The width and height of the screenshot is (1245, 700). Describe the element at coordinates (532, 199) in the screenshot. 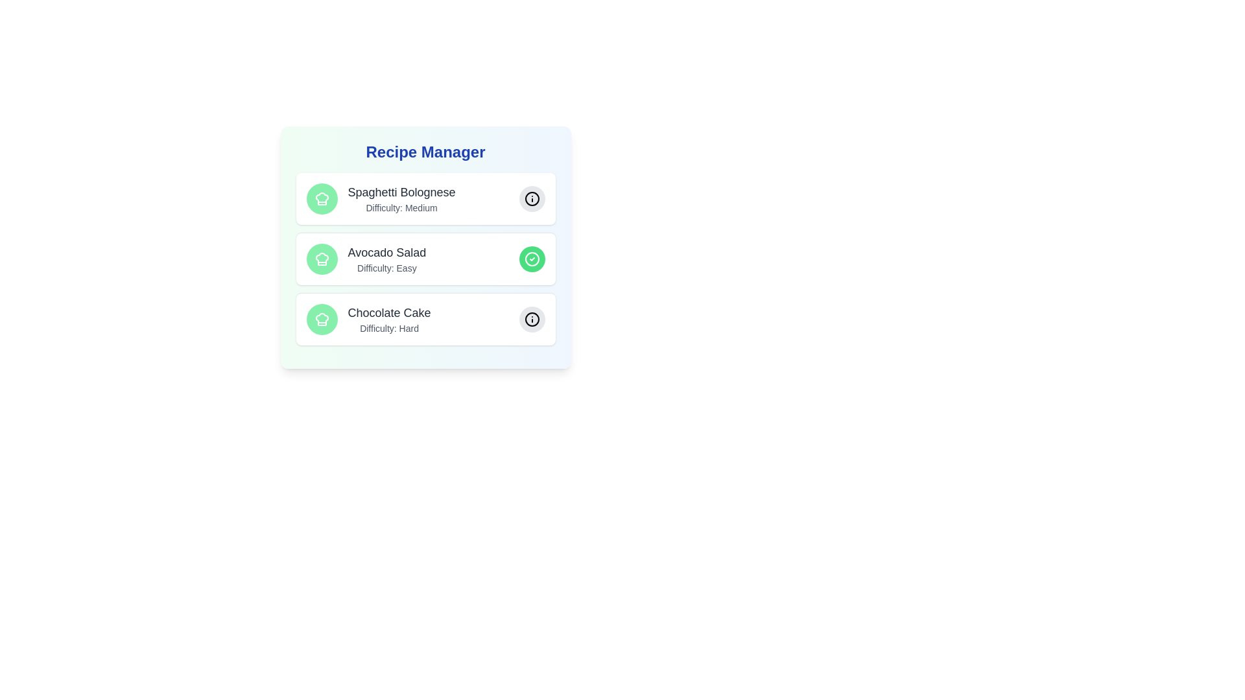

I see `the recipe Spaghetti Bolognese by clicking its button` at that location.